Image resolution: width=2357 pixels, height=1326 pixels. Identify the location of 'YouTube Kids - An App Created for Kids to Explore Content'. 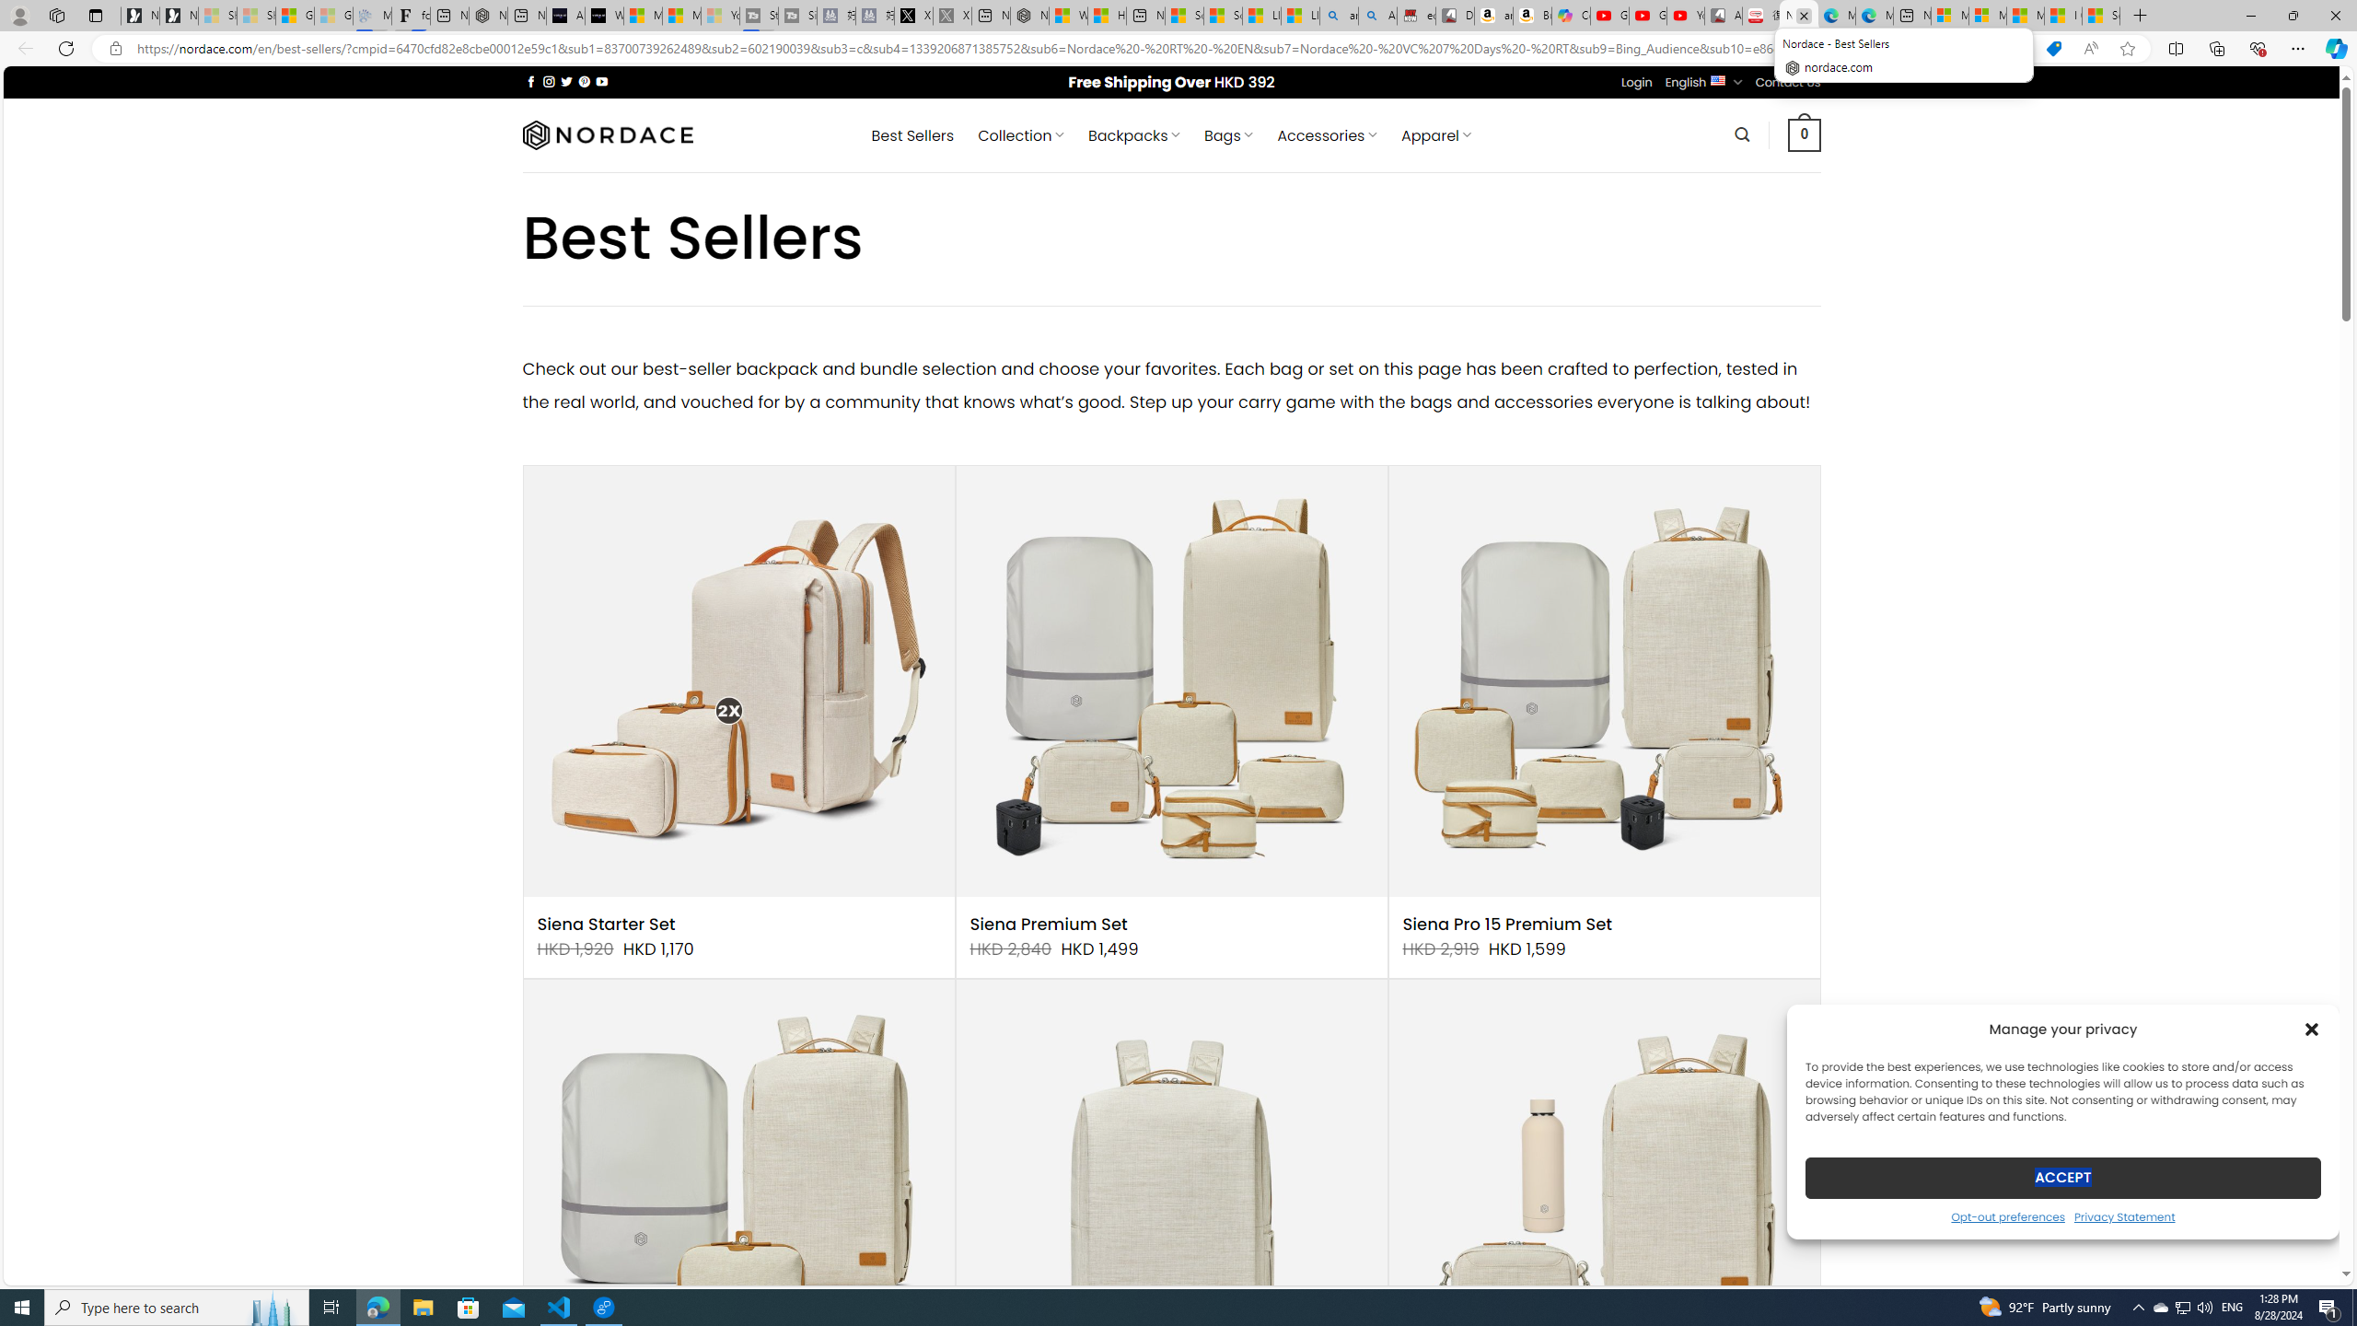
(1685, 15).